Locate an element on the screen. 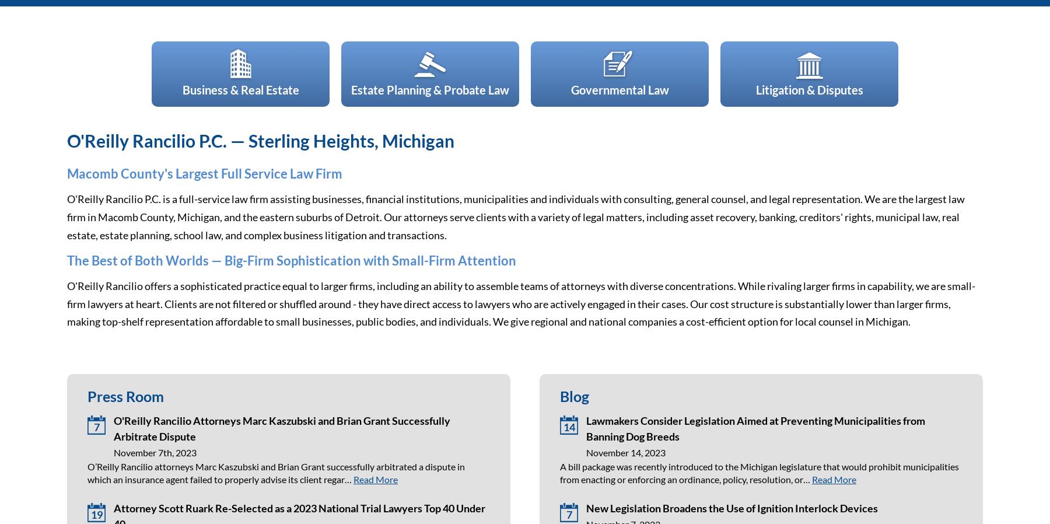 Image resolution: width=1050 pixels, height=524 pixels. 'O'Reilly Rancilio P.C. — Sterling Heights, Michigan' is located at coordinates (260, 141).